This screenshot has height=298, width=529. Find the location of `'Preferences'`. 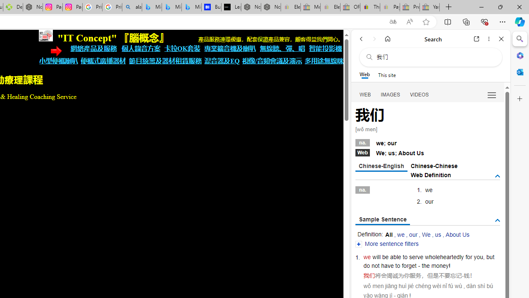

'Preferences' is located at coordinates (491, 94).